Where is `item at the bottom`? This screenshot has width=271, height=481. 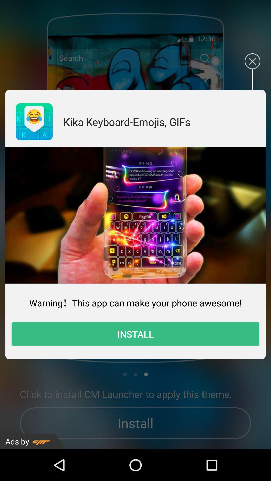 item at the bottom is located at coordinates (135, 334).